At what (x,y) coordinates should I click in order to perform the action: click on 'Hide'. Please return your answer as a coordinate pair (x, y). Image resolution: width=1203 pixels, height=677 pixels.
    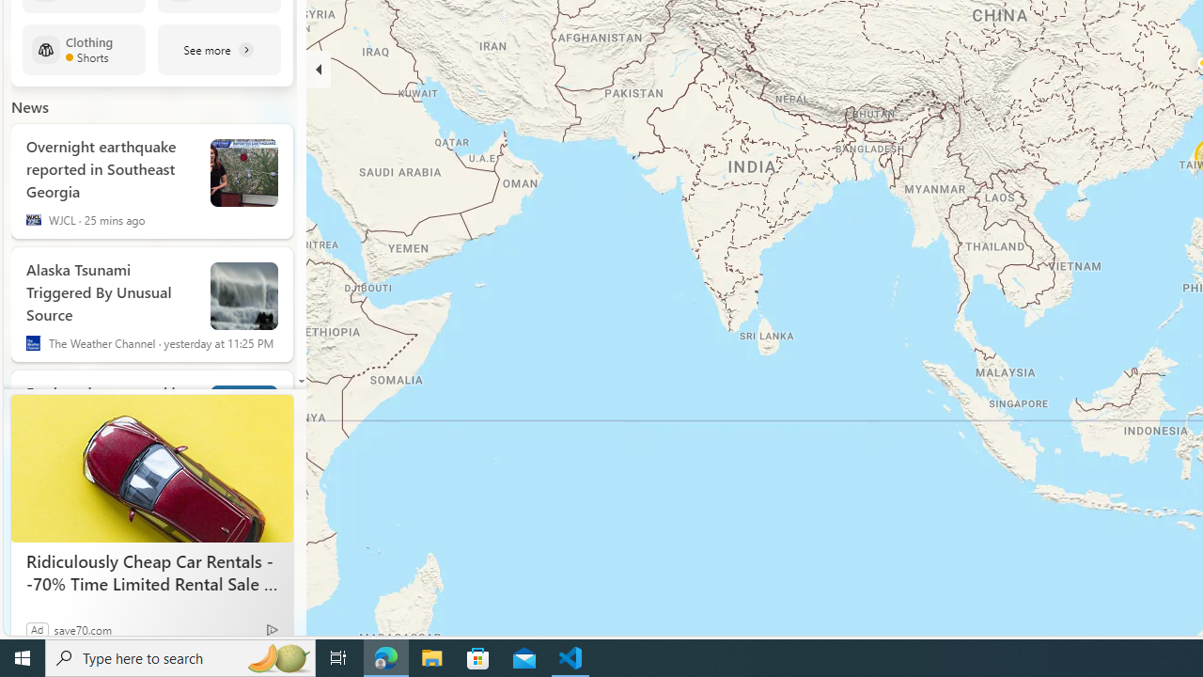
    Looking at the image, I should click on (319, 68).